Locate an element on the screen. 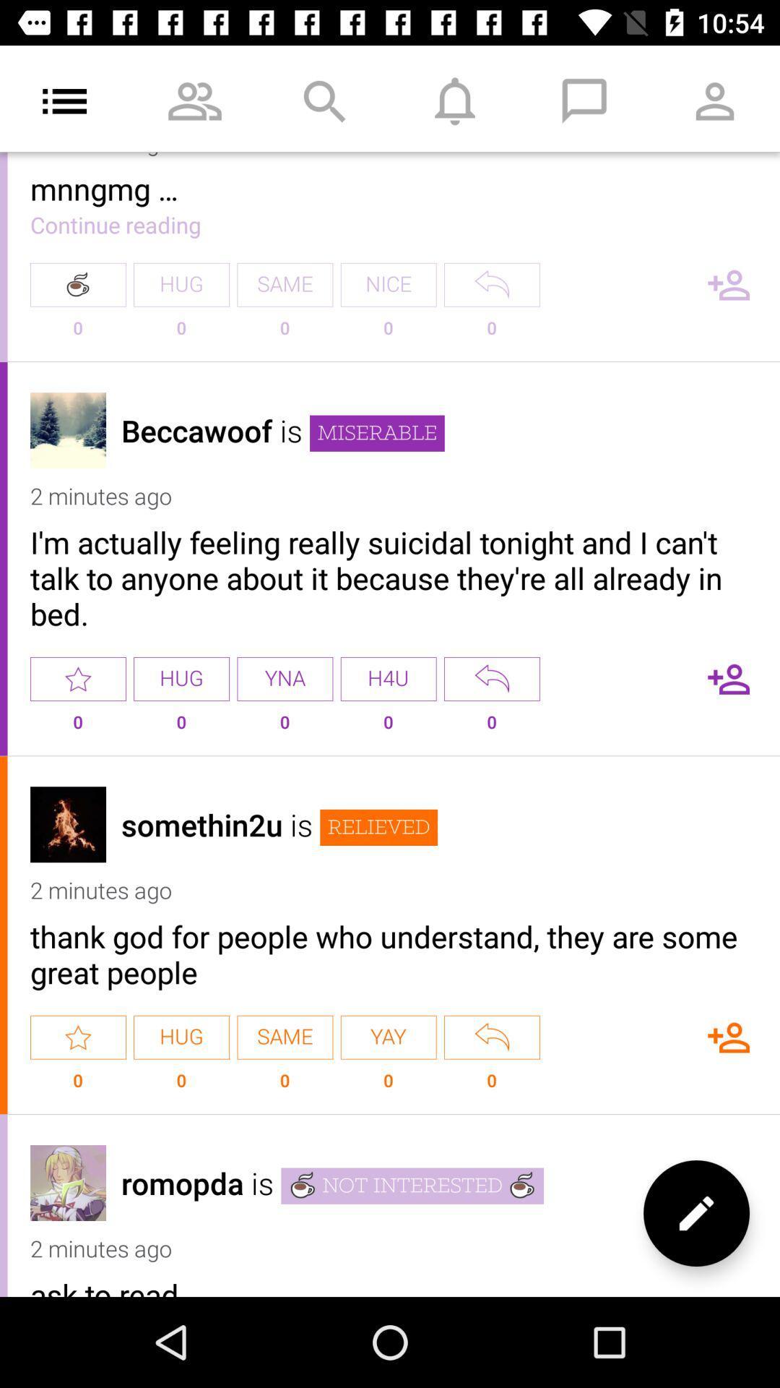  user profile is located at coordinates (68, 824).